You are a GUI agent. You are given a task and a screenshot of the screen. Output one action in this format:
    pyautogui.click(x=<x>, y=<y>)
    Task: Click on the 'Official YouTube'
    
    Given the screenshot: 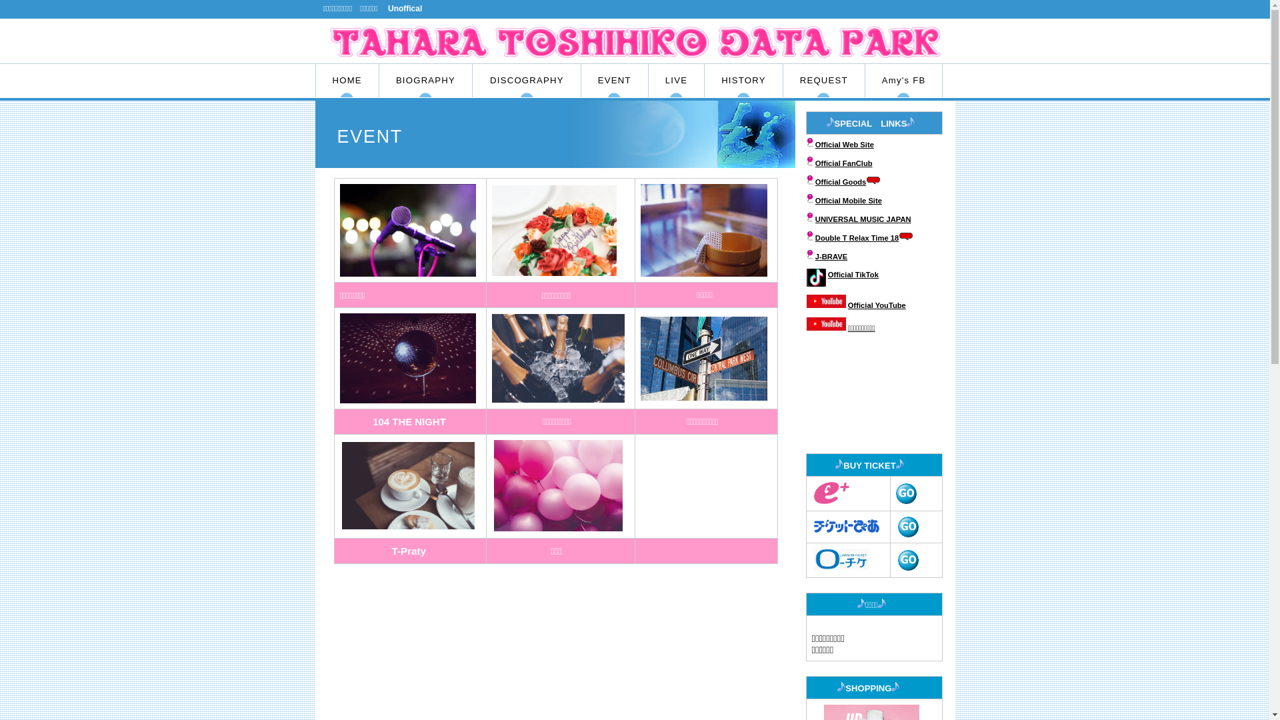 What is the action you would take?
    pyautogui.click(x=877, y=305)
    